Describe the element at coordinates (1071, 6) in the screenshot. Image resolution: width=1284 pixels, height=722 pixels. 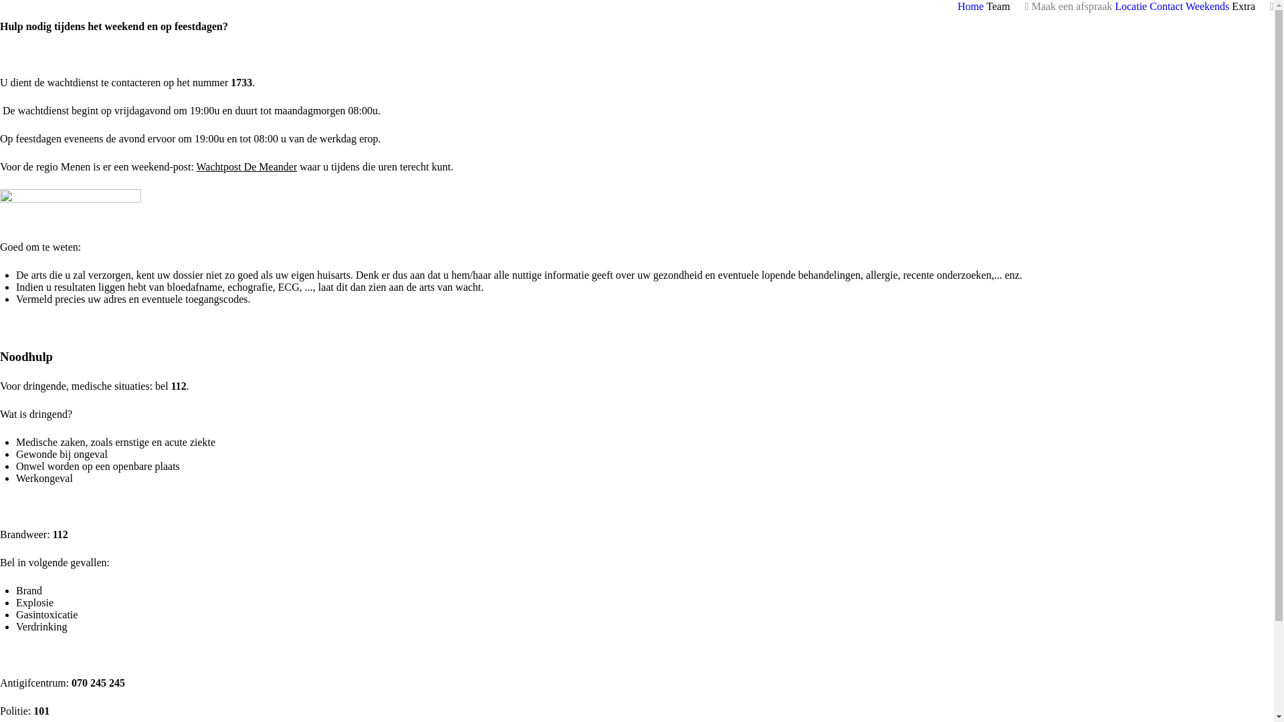
I see `'Maak een afspraak'` at that location.